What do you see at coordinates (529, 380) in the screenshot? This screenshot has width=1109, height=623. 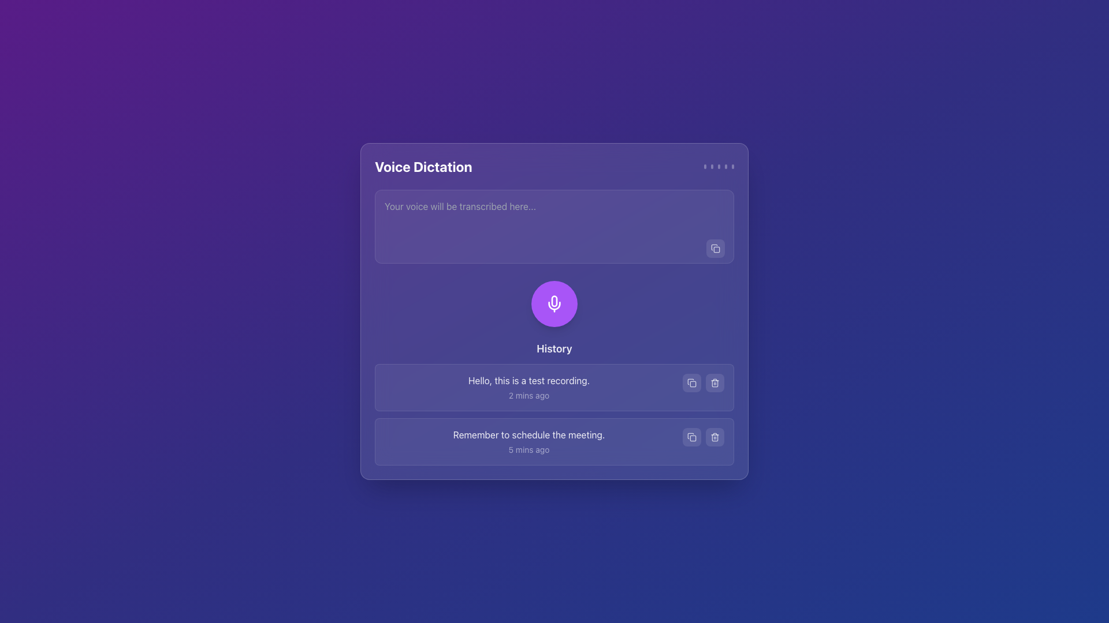 I see `text label that displays 'Hello, this is a test recording.' located in the history list section above the timestamp '2 mins ago.'` at bounding box center [529, 380].